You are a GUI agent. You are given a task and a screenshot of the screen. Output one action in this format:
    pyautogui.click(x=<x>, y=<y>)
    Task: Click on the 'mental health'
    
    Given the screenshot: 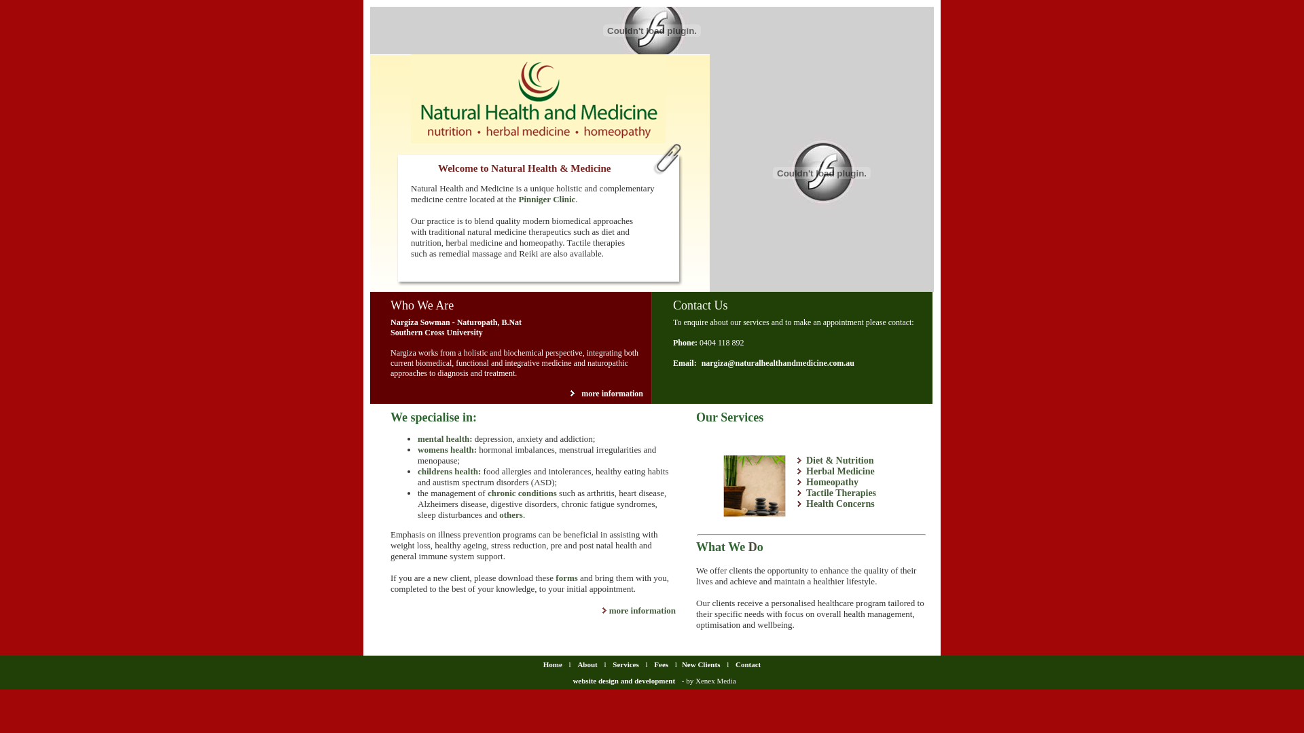 What is the action you would take?
    pyautogui.click(x=443, y=438)
    